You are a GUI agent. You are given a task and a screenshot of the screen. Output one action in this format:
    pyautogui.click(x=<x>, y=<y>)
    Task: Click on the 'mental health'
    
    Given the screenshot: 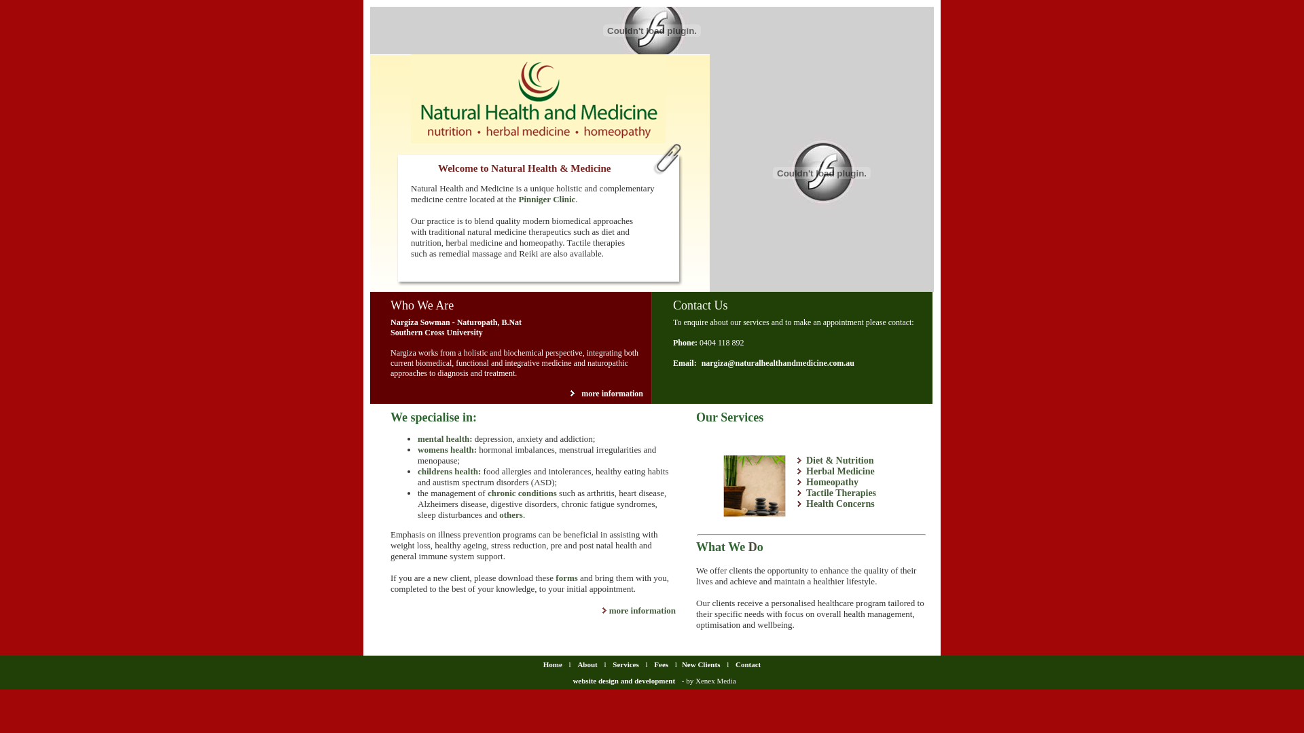 What is the action you would take?
    pyautogui.click(x=443, y=438)
    